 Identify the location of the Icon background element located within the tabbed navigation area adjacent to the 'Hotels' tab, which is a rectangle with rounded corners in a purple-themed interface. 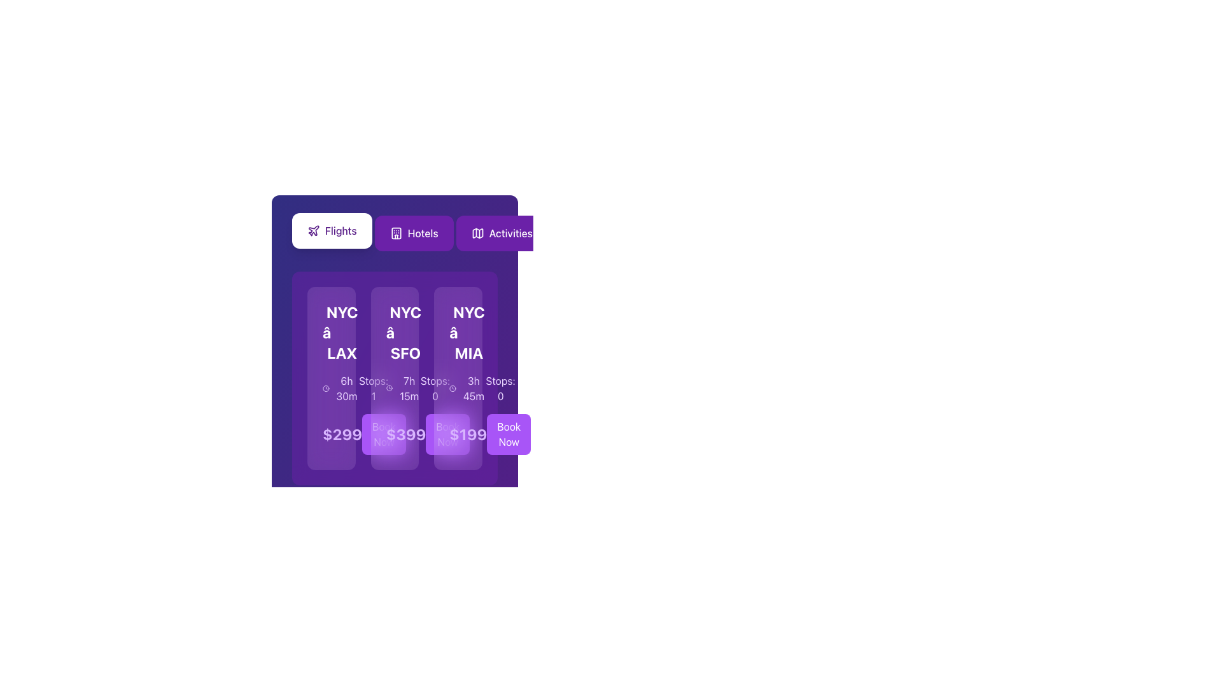
(395, 233).